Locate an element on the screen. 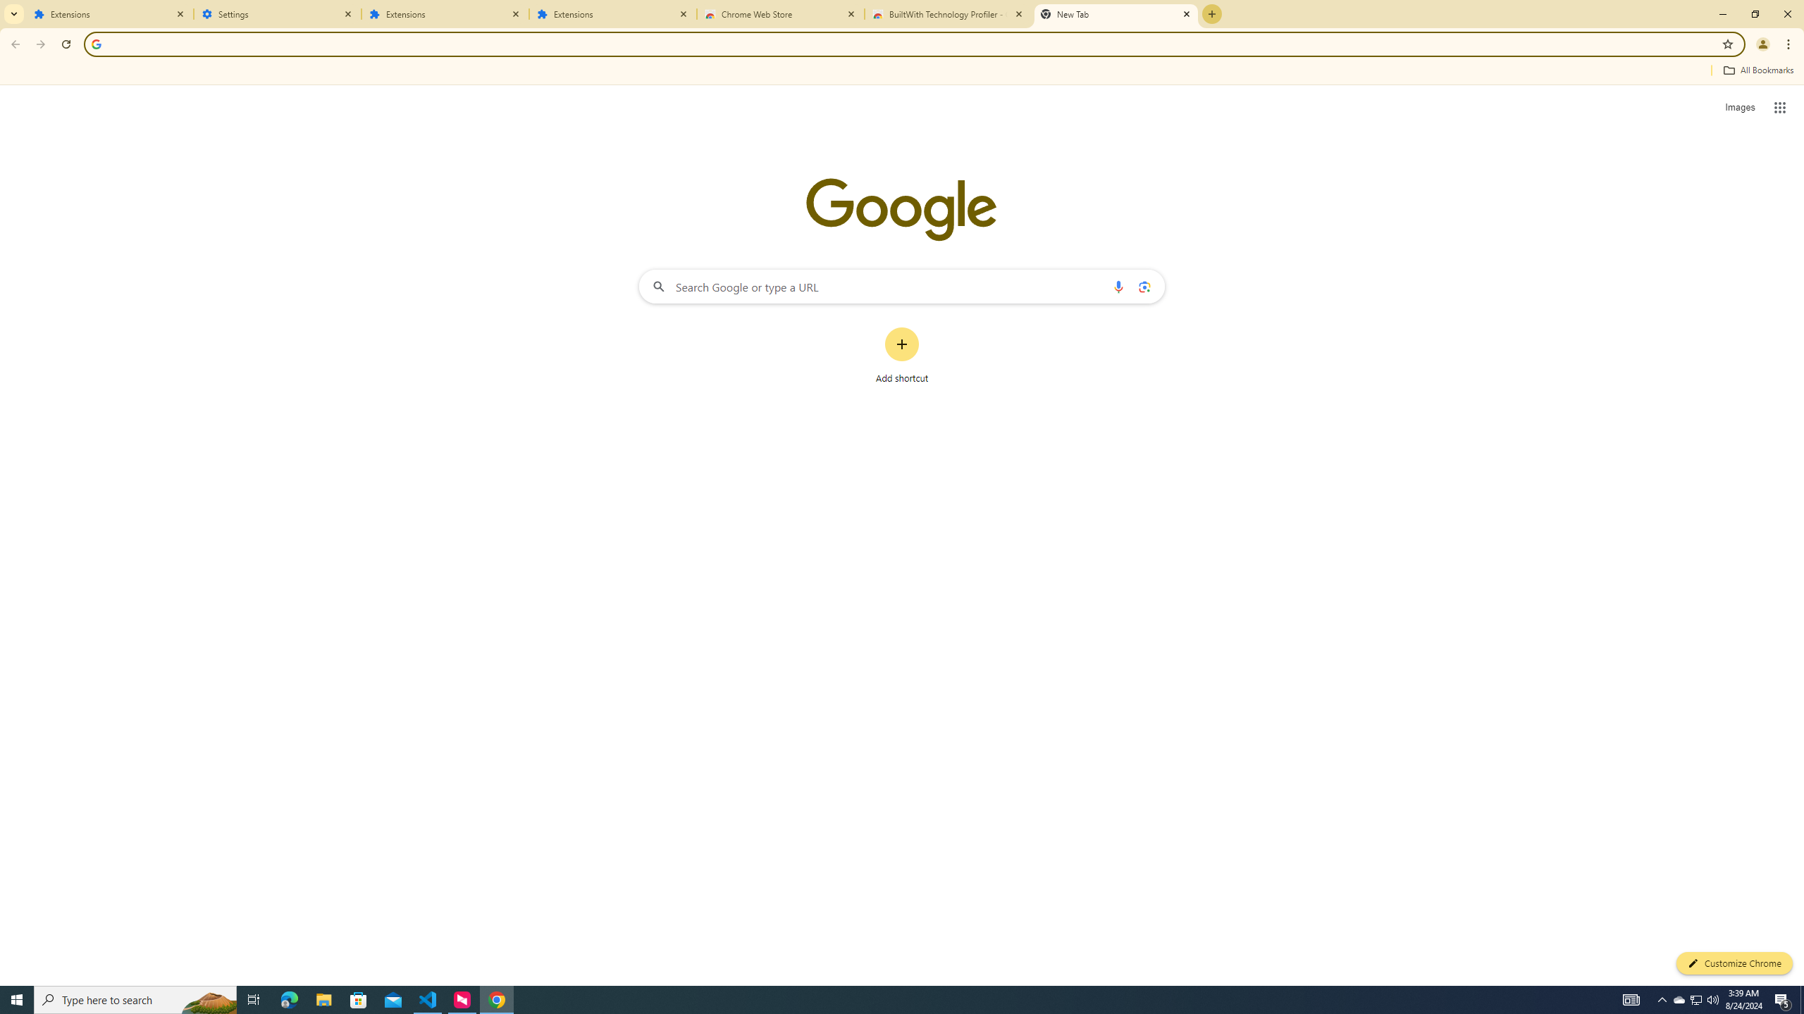 The image size is (1804, 1014). 'Extensions' is located at coordinates (612, 13).